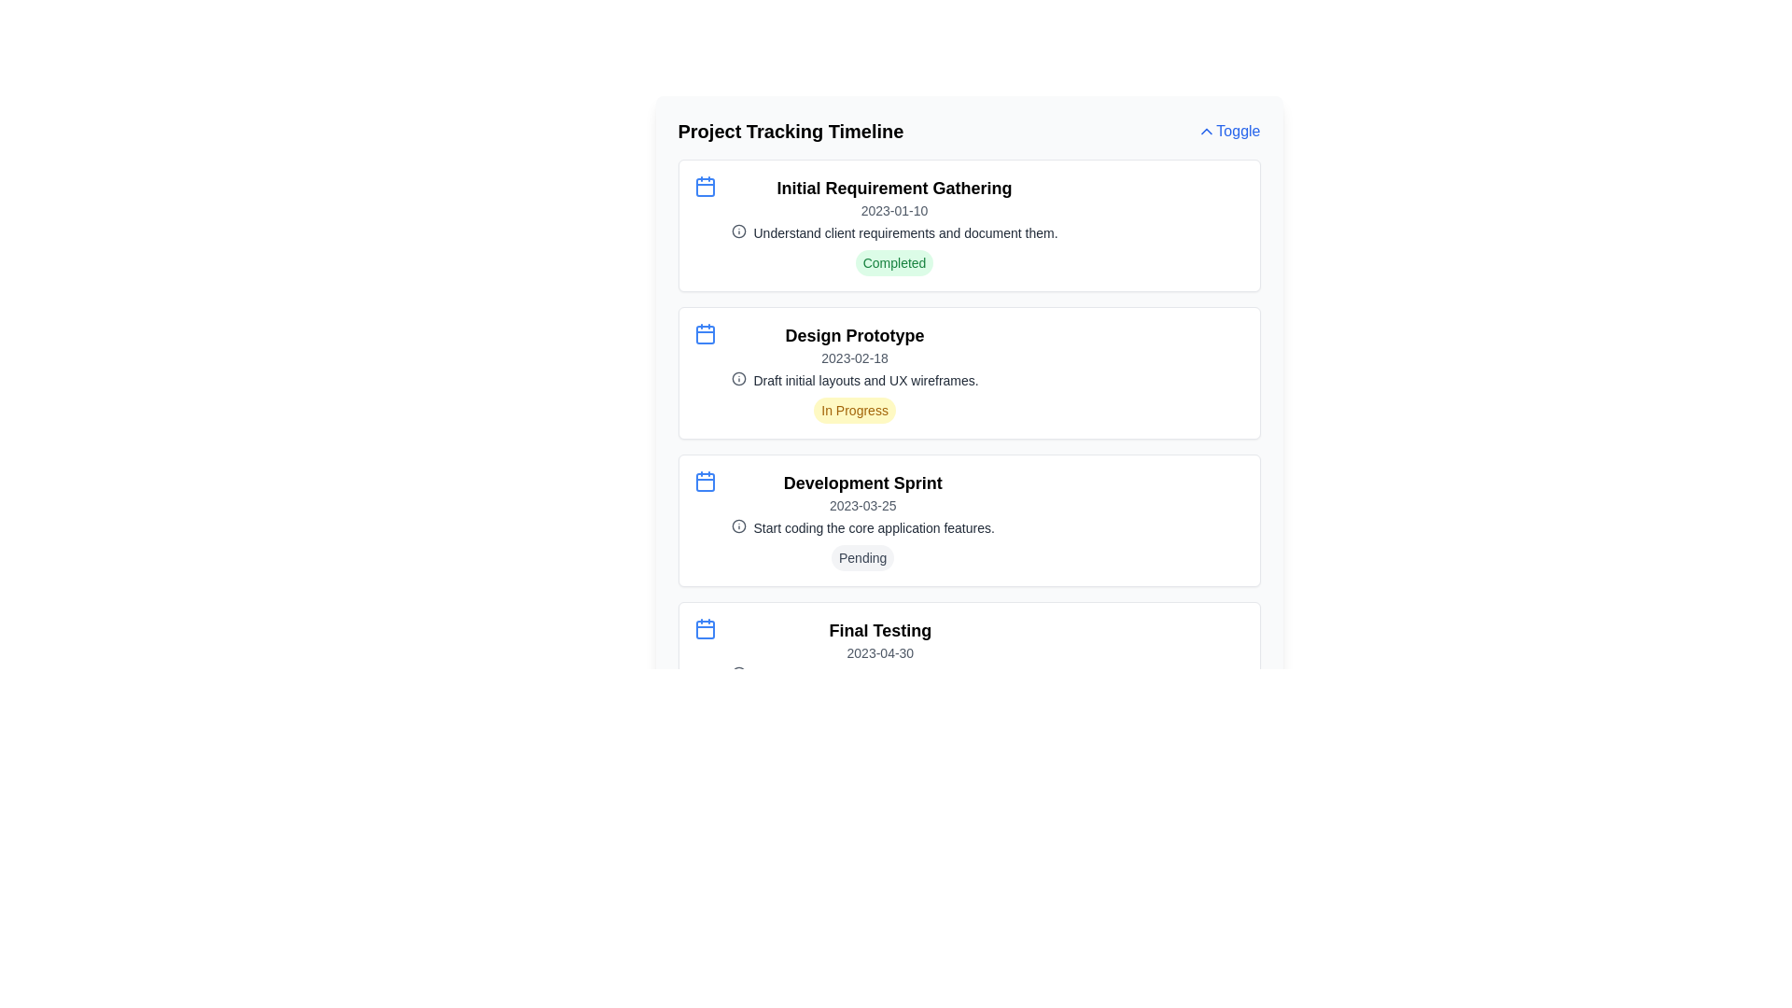  What do you see at coordinates (737, 525) in the screenshot?
I see `the information icon, which is a gray circular outline with a '!' shape inside, located at the beginning of the text block describing 'Start coding the core application features.' in the 'Development Sprint' section` at bounding box center [737, 525].